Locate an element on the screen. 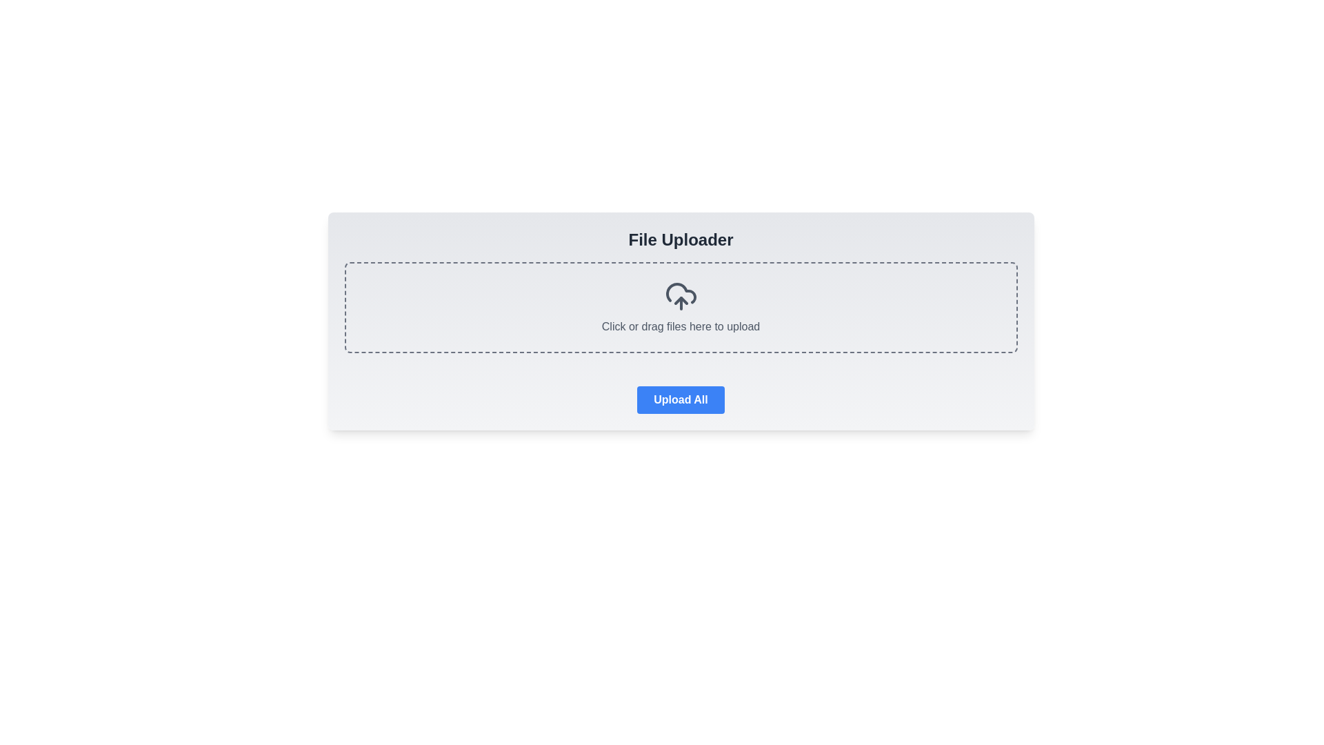 Image resolution: width=1324 pixels, height=745 pixels. the instructional text that states 'Click or drag files here to upload.' which is styled in gray and located within a rectangular outlined area near the bottom of a dashed rectangle below an upload icon is located at coordinates (681, 327).